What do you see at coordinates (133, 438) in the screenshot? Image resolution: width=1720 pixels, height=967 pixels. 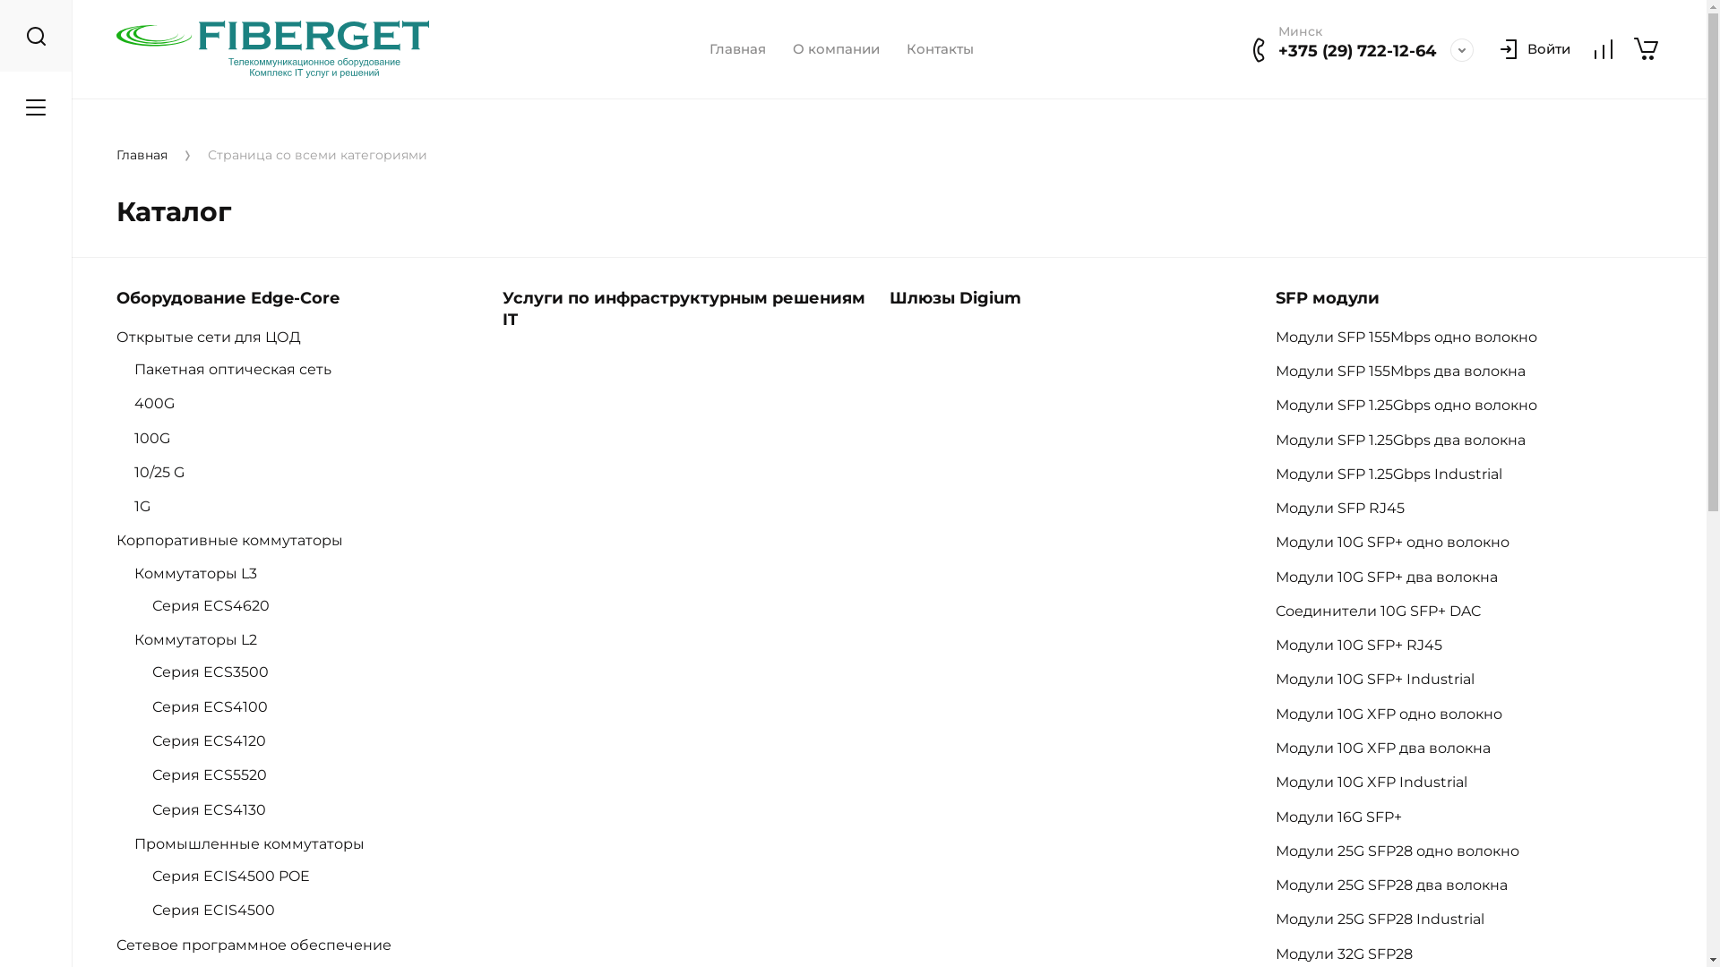 I see `'100G'` at bounding box center [133, 438].